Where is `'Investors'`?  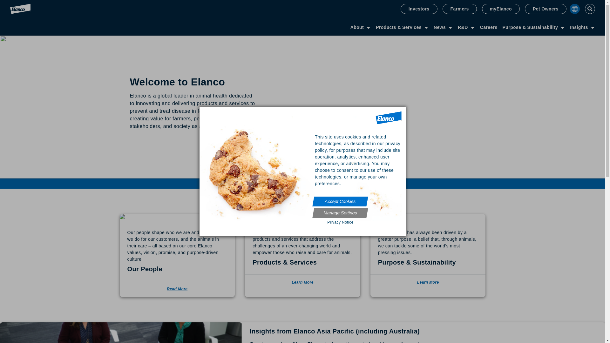 'Investors' is located at coordinates (419, 9).